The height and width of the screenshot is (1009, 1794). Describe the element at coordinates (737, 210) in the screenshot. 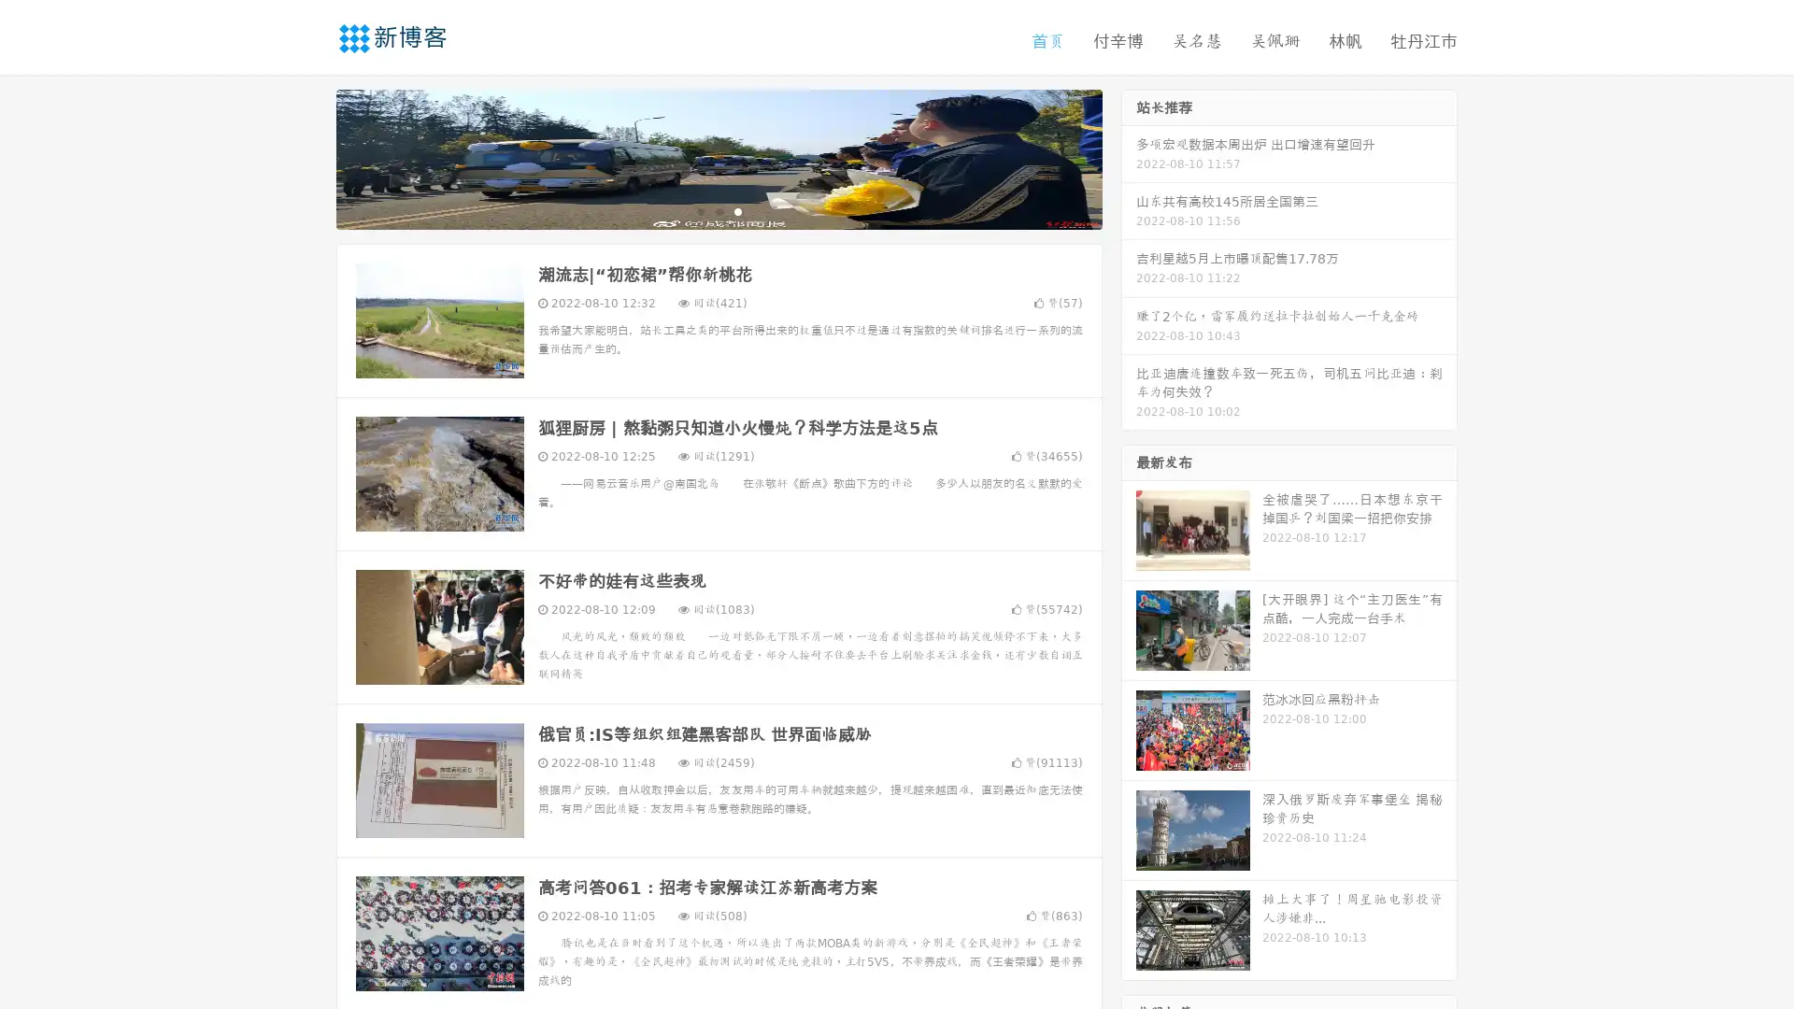

I see `Go to slide 3` at that location.